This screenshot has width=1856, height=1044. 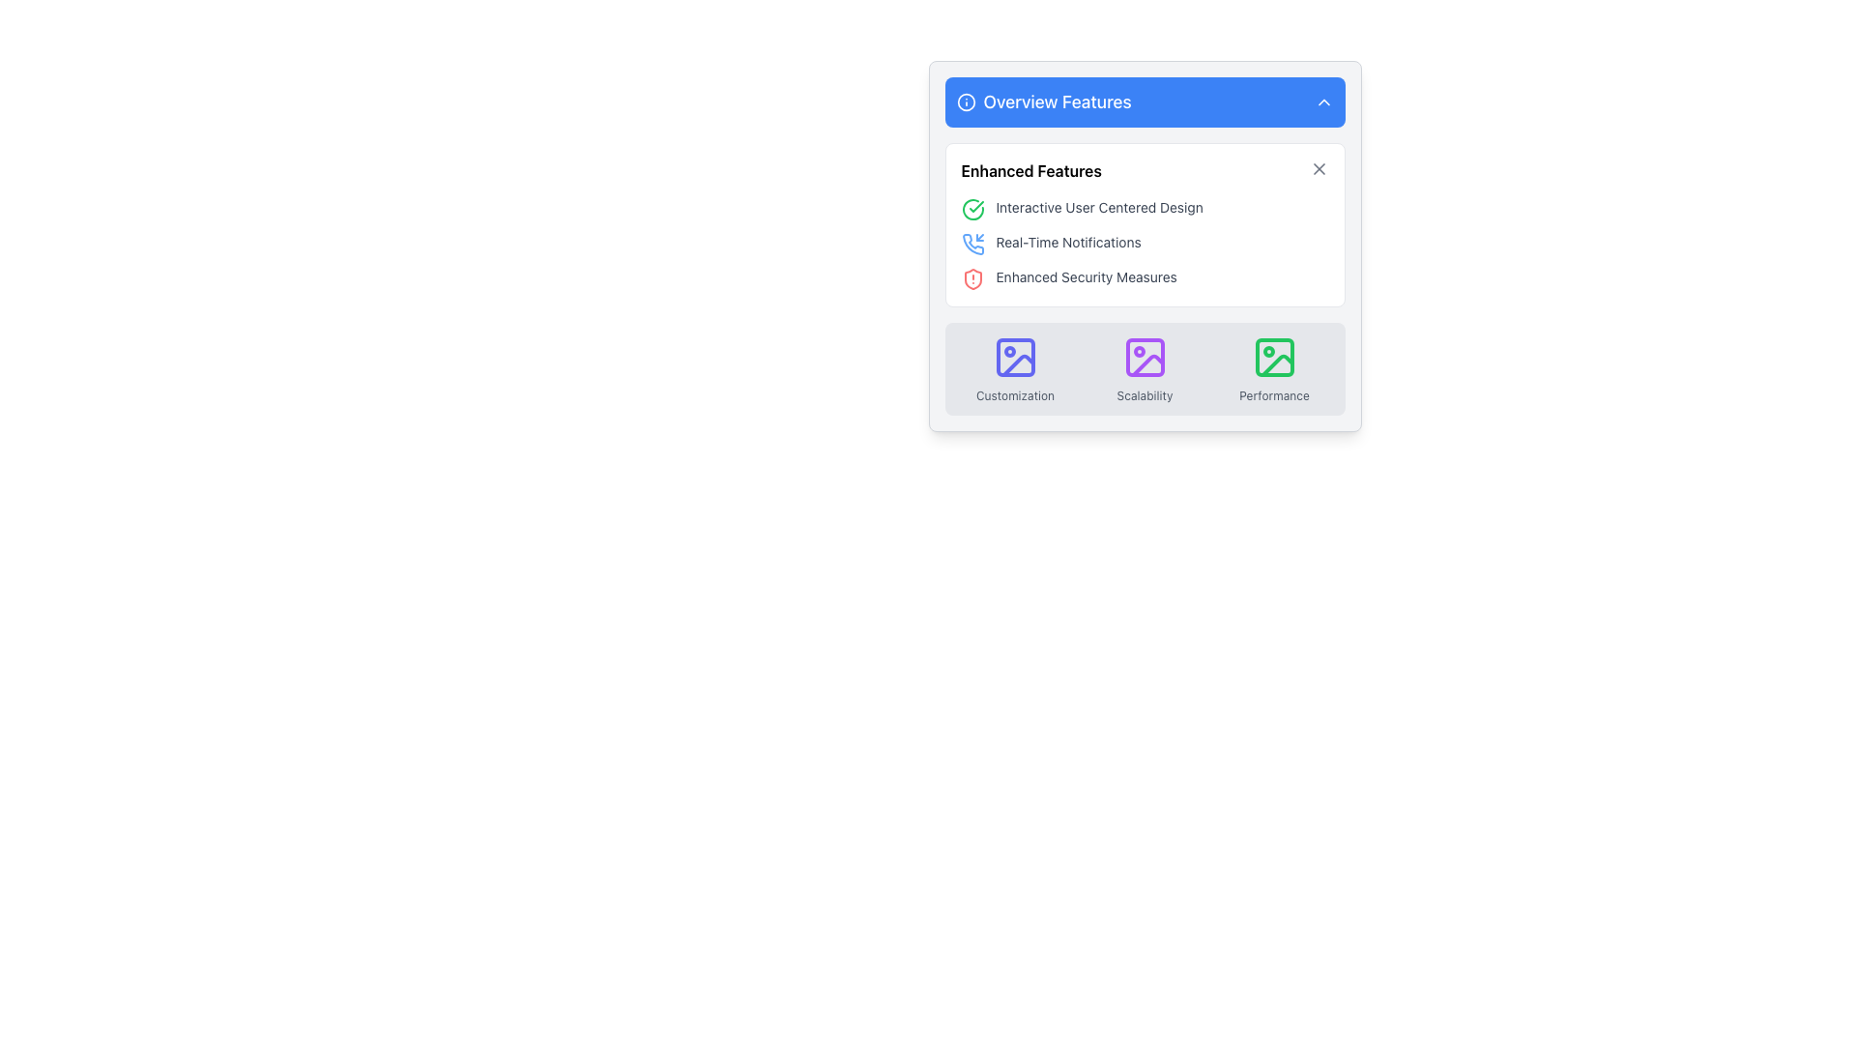 I want to click on the security feature icon located in the 'Enhanced Features' section, which is the third element in the list after the green checkmark and blue phone icons, so click(x=972, y=279).